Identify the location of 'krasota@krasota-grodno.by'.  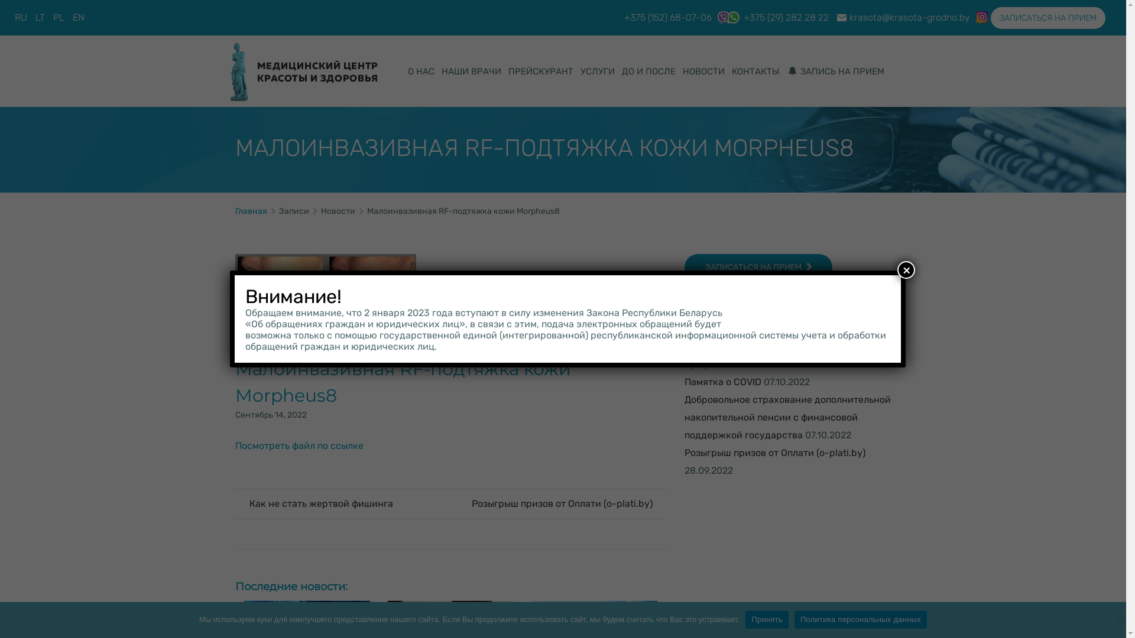
(909, 17).